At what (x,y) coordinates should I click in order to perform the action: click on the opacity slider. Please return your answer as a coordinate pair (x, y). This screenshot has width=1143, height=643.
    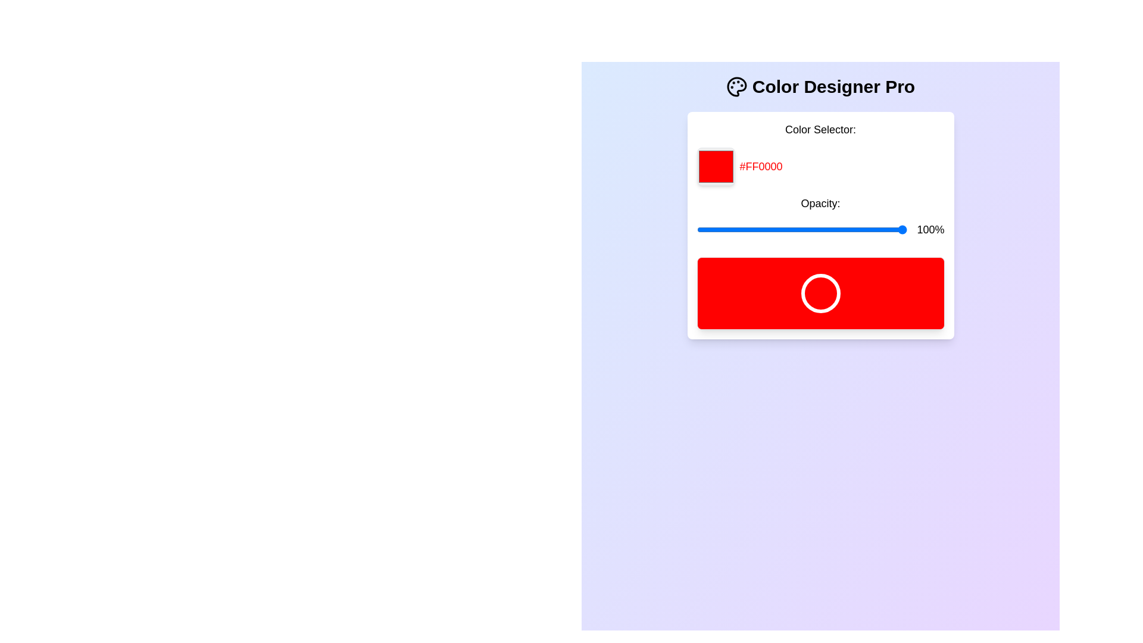
    Looking at the image, I should click on (711, 229).